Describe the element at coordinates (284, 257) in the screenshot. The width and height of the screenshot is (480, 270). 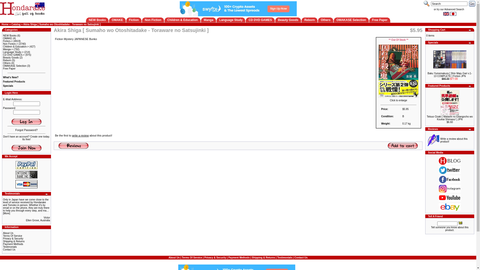
I see `'Testimonials'` at that location.